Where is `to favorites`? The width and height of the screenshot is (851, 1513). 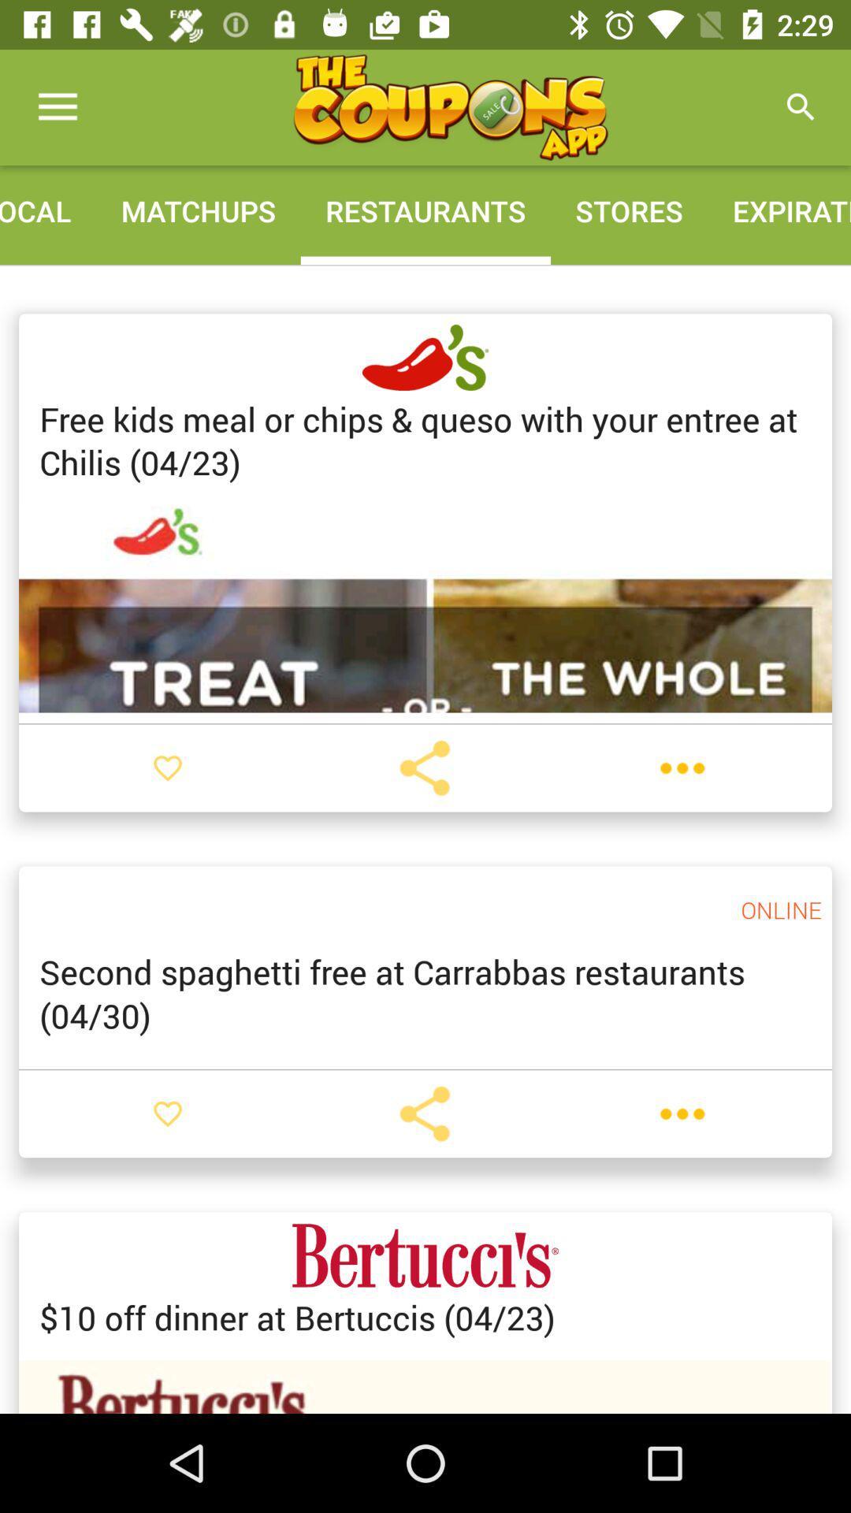 to favorites is located at coordinates (167, 768).